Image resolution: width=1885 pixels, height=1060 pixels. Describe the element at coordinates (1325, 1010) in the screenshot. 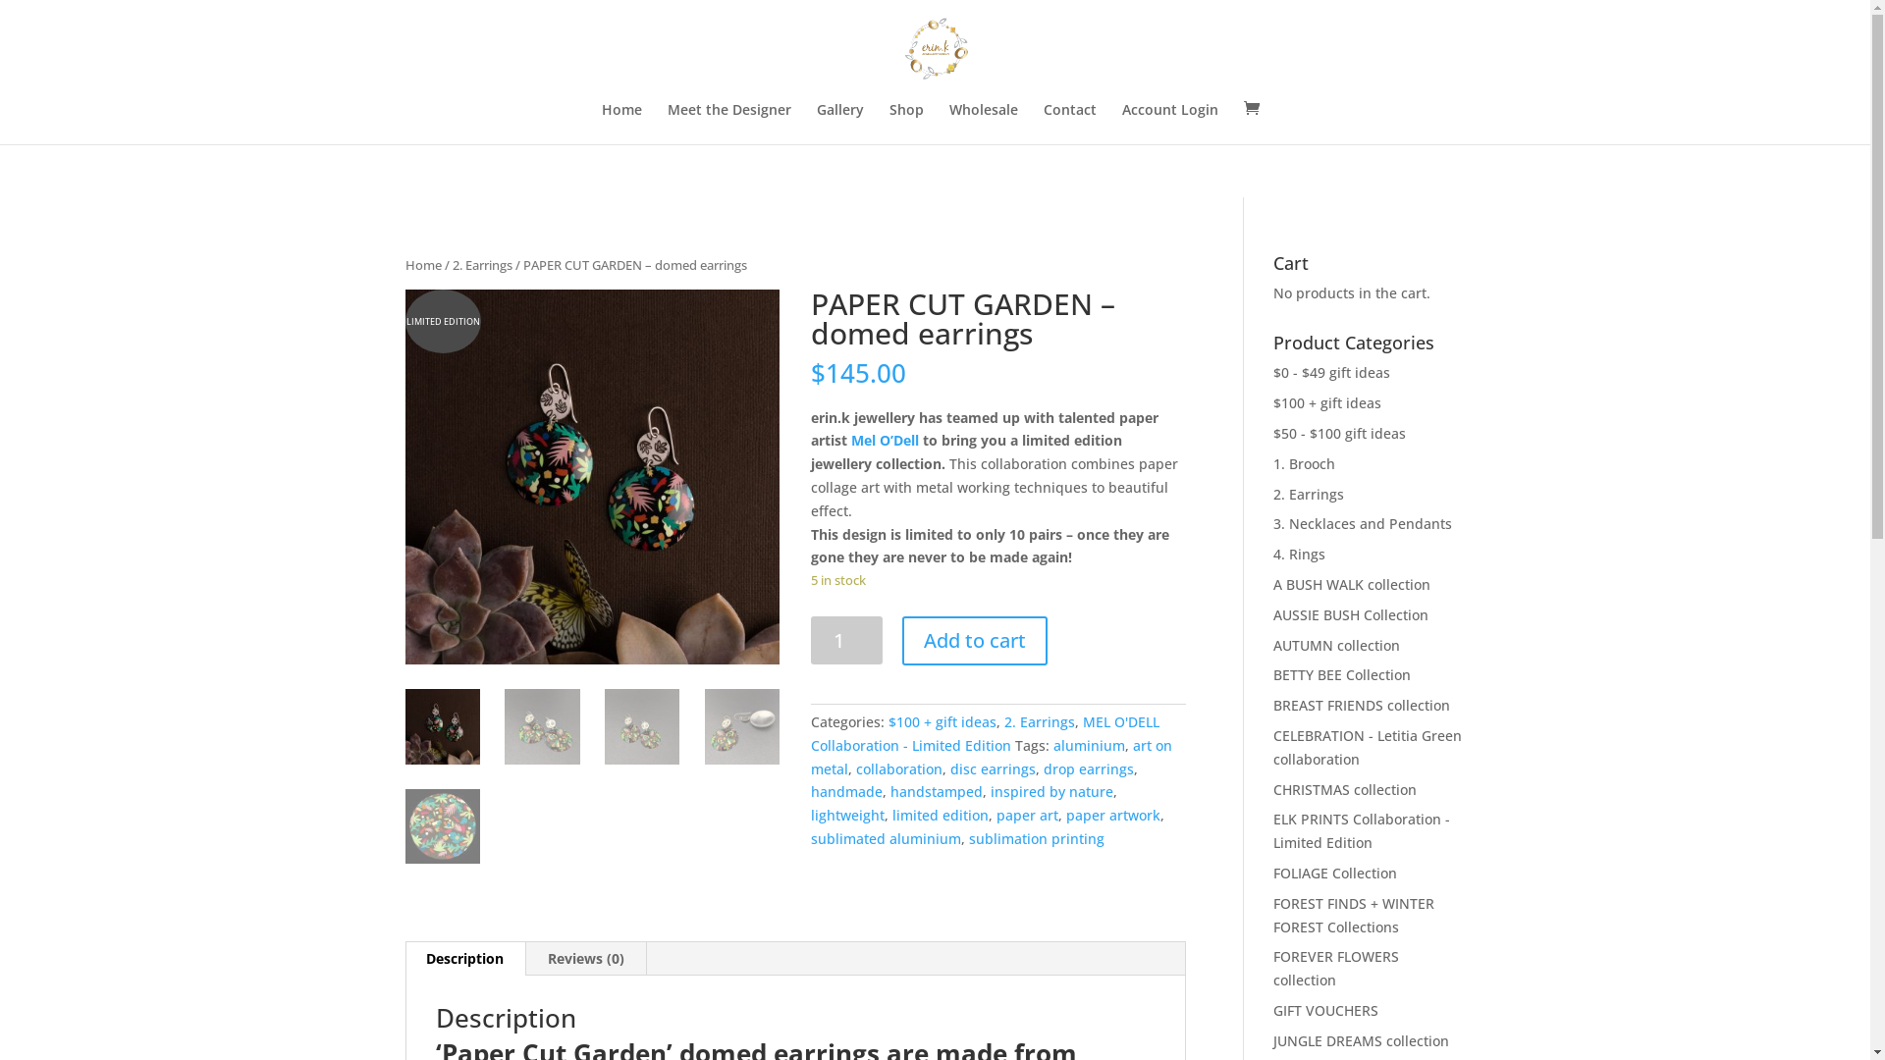

I see `'GIFT VOUCHERS'` at that location.